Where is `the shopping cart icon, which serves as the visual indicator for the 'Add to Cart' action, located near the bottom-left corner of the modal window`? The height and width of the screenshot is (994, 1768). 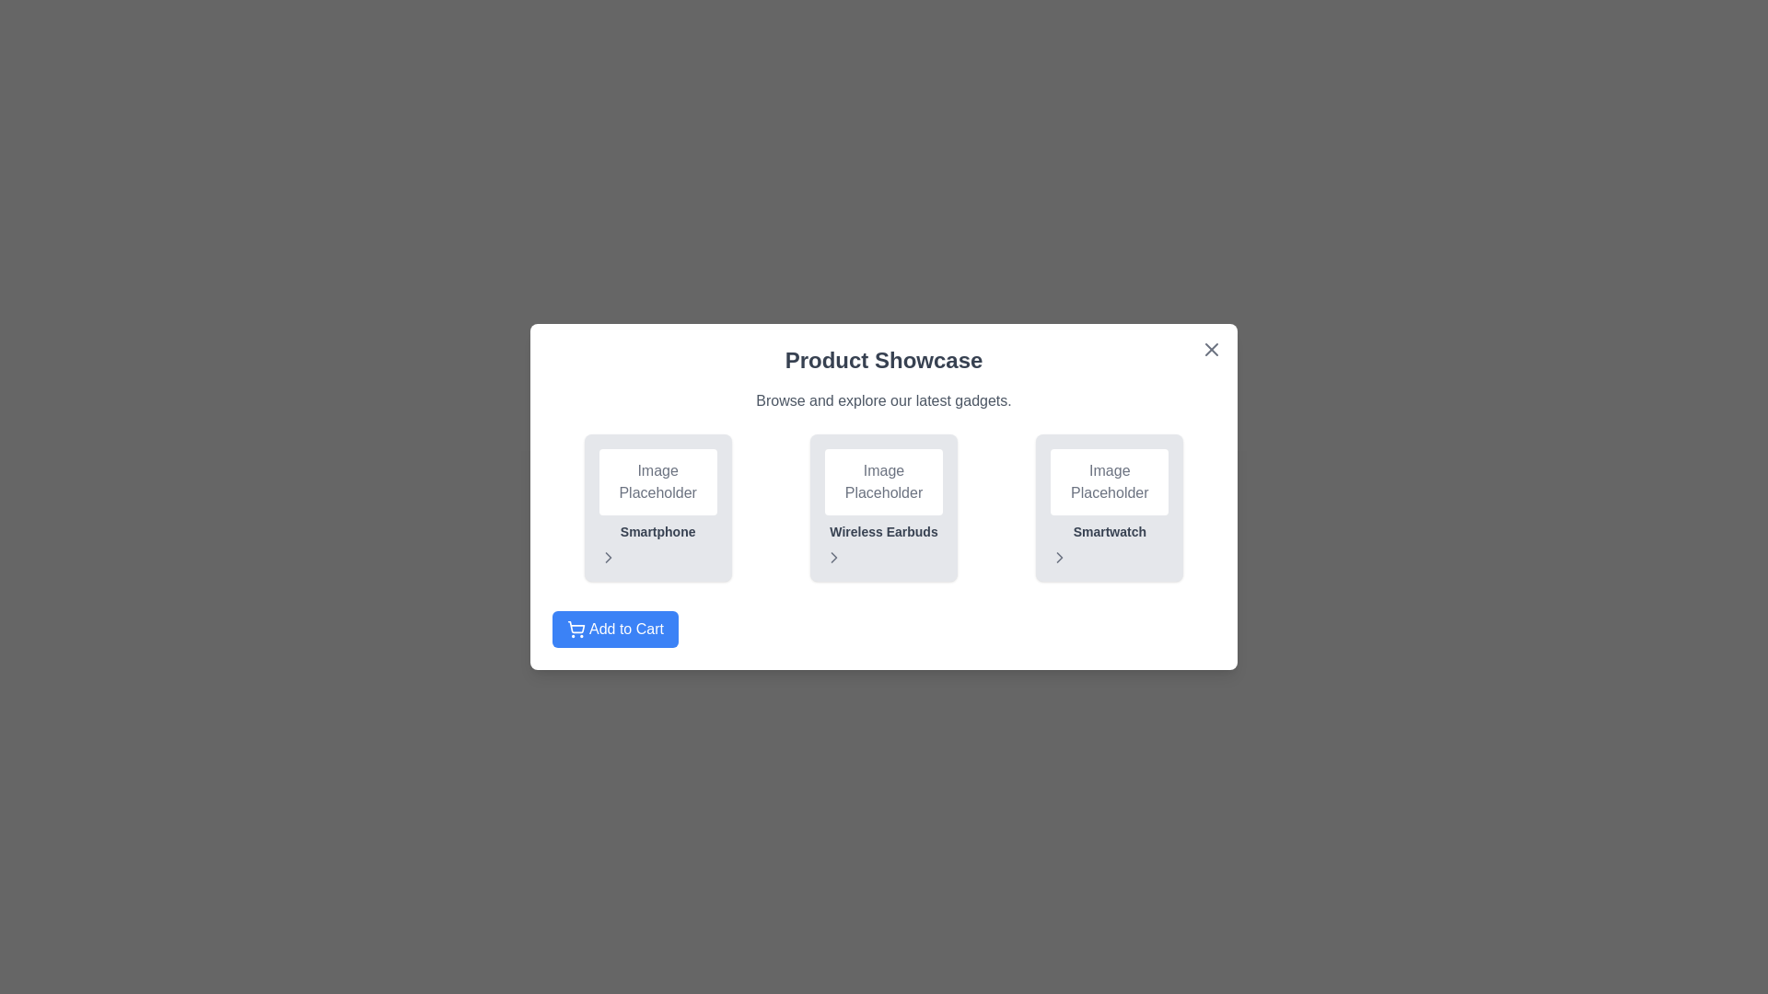
the shopping cart icon, which serves as the visual indicator for the 'Add to Cart' action, located near the bottom-left corner of the modal window is located at coordinates (576, 626).